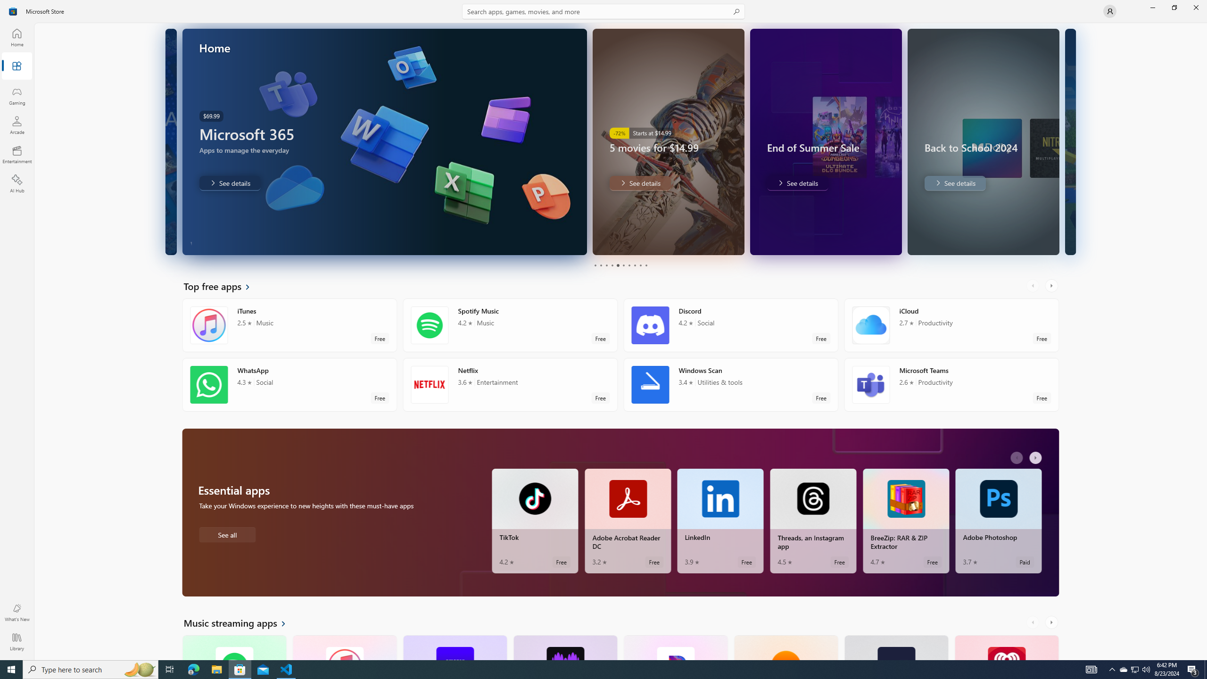 This screenshot has height=679, width=1207. Describe the element at coordinates (534, 521) in the screenshot. I see `'TikTok. Average rating of 4.2 out of five stars. Free  '` at that location.